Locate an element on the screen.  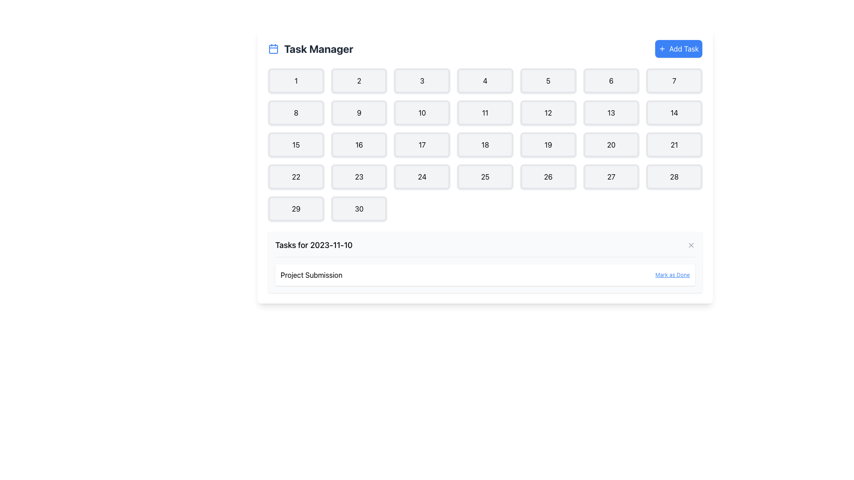
the calendar button representing the date in the third row and sixth column, surrounded by '18' on the left and '20' on the right is located at coordinates (548, 144).